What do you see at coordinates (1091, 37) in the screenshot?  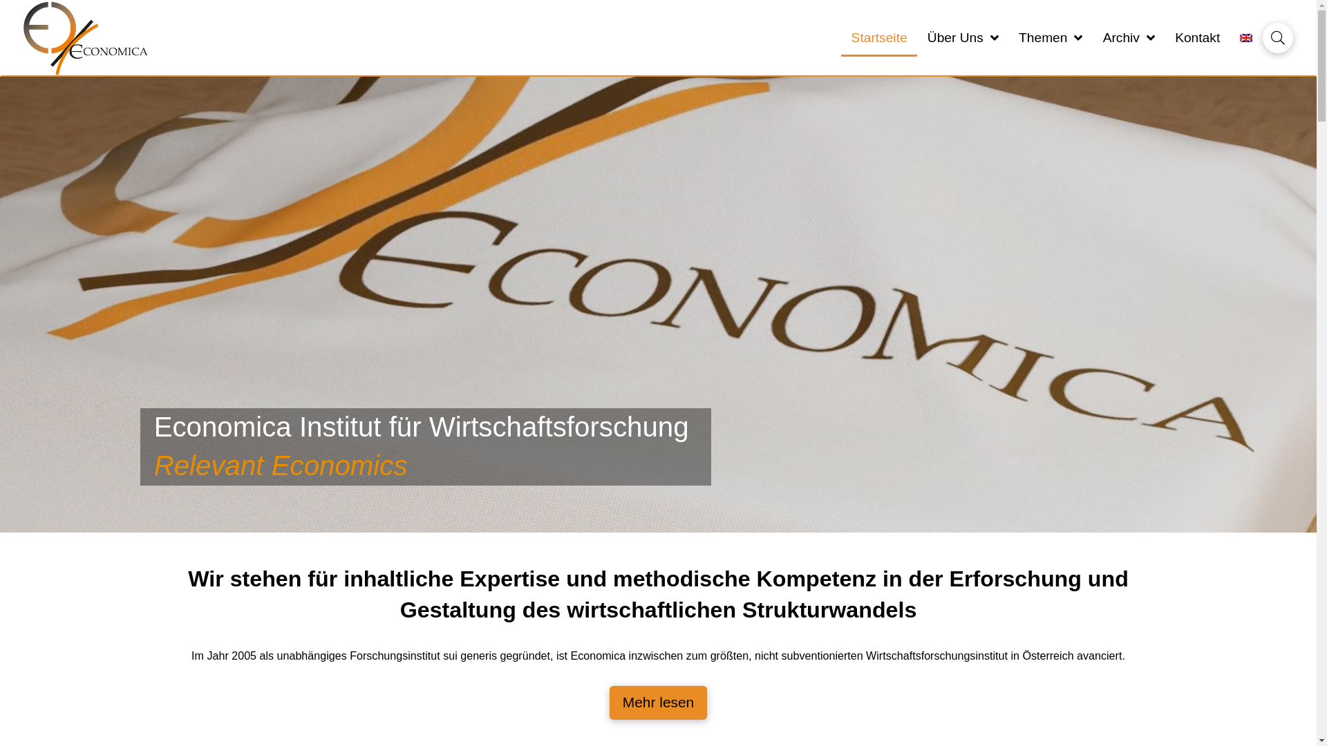 I see `'Archiv'` at bounding box center [1091, 37].